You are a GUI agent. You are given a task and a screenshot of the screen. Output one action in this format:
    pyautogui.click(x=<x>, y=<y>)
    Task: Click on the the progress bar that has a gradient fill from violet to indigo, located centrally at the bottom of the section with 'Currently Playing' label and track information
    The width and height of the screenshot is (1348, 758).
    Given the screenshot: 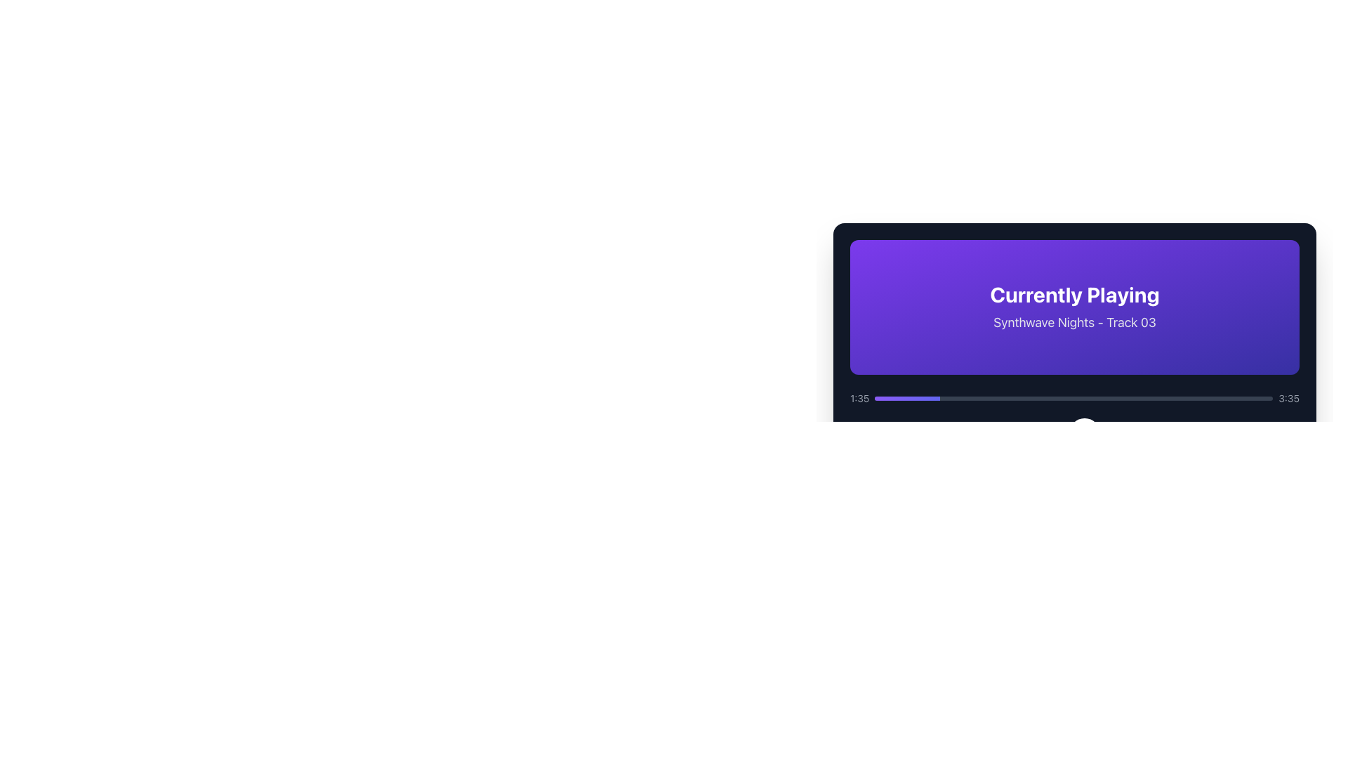 What is the action you would take?
    pyautogui.click(x=1074, y=398)
    